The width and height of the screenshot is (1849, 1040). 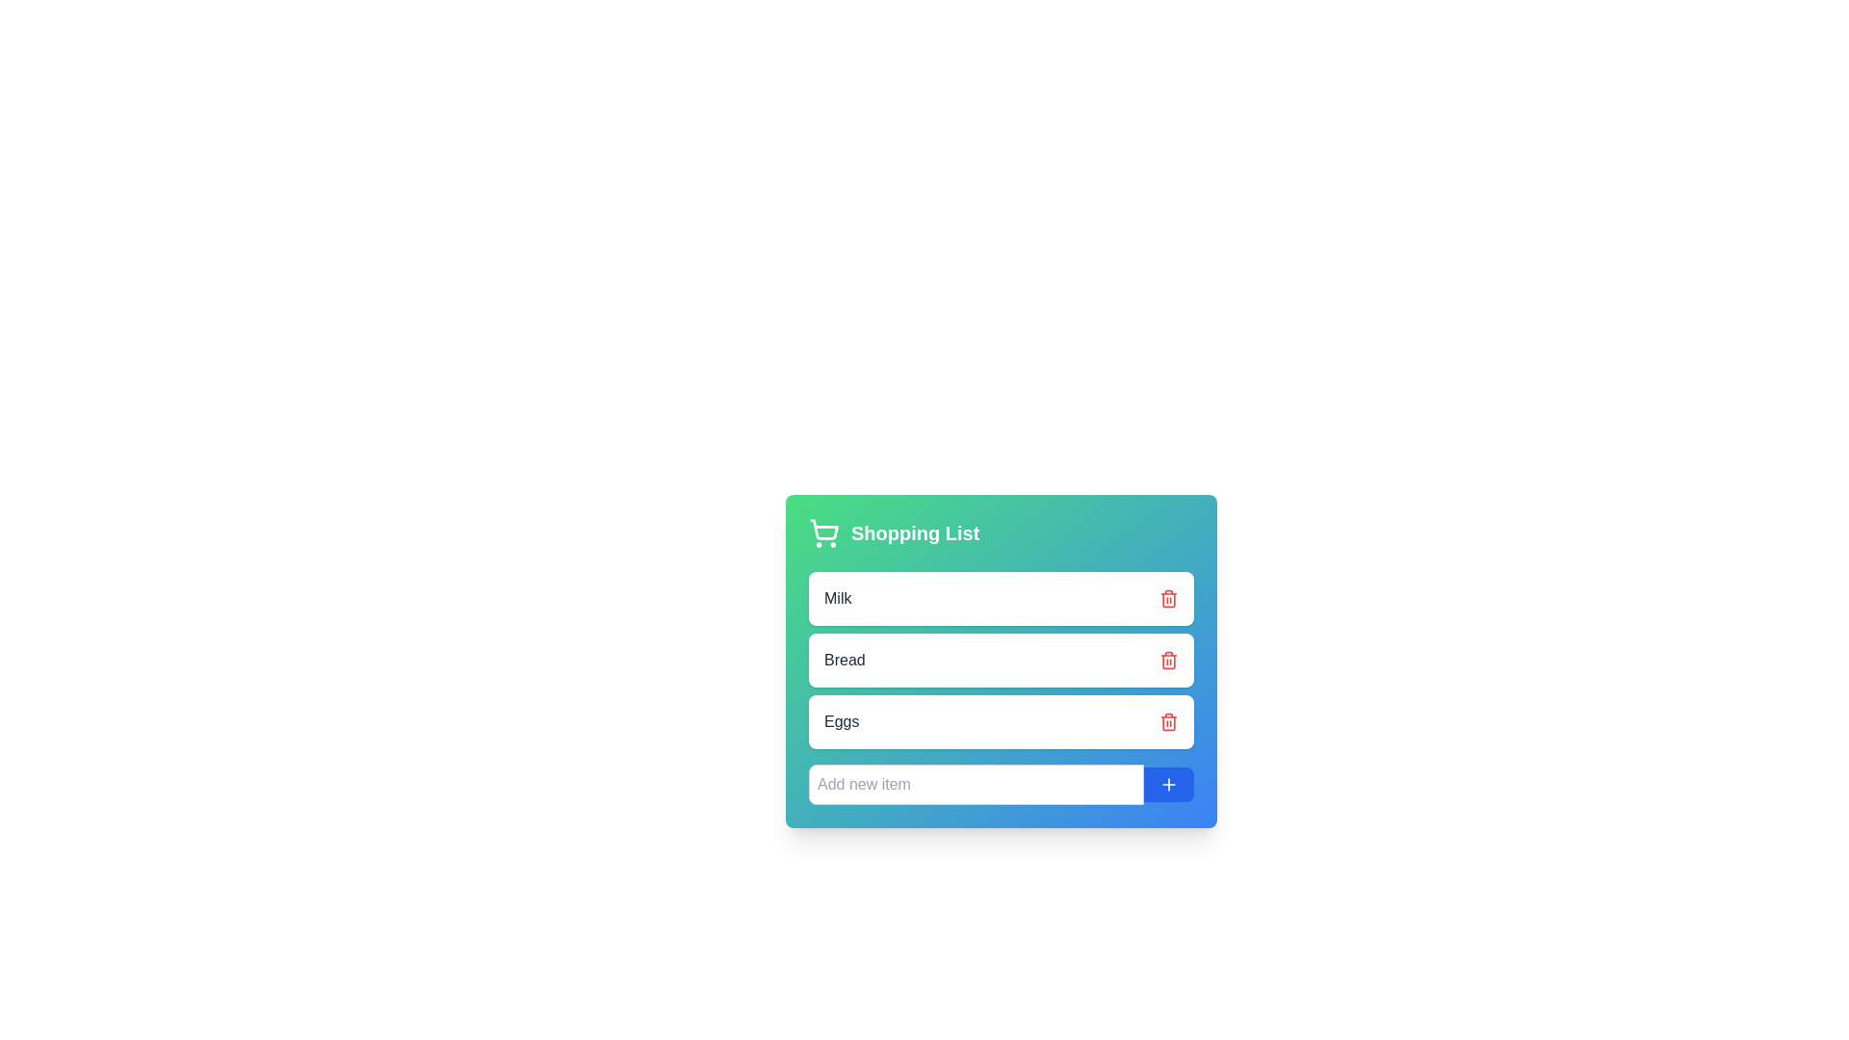 I want to click on the 'Bread' list item, which is the second item in the shopping list interface, for reordering within the list, so click(x=1002, y=660).